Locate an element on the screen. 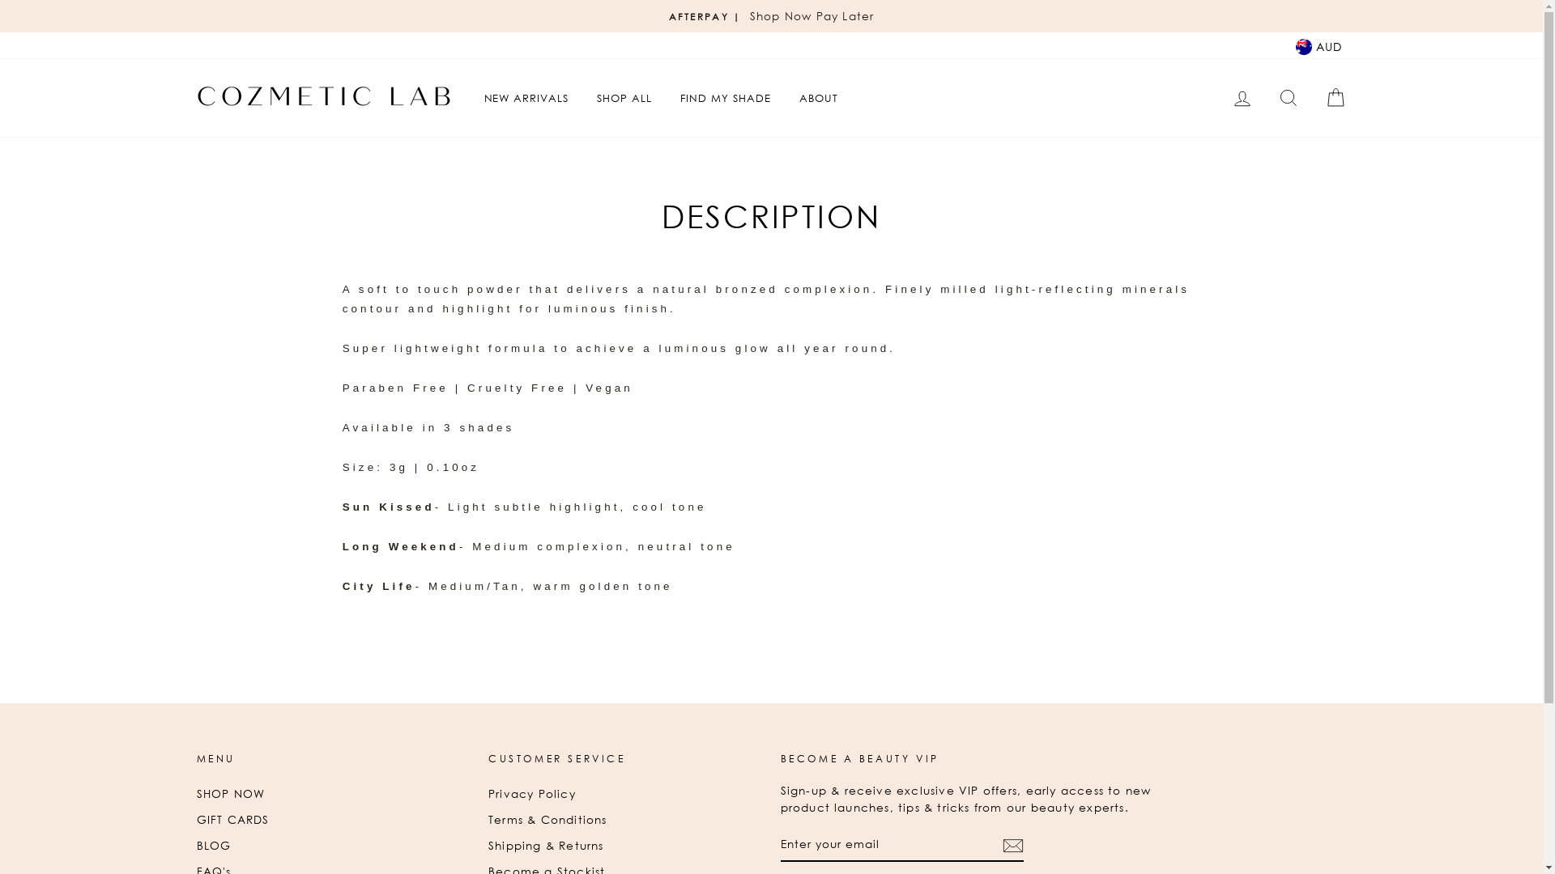 The image size is (1555, 874). 'BLOG' is located at coordinates (212, 845).